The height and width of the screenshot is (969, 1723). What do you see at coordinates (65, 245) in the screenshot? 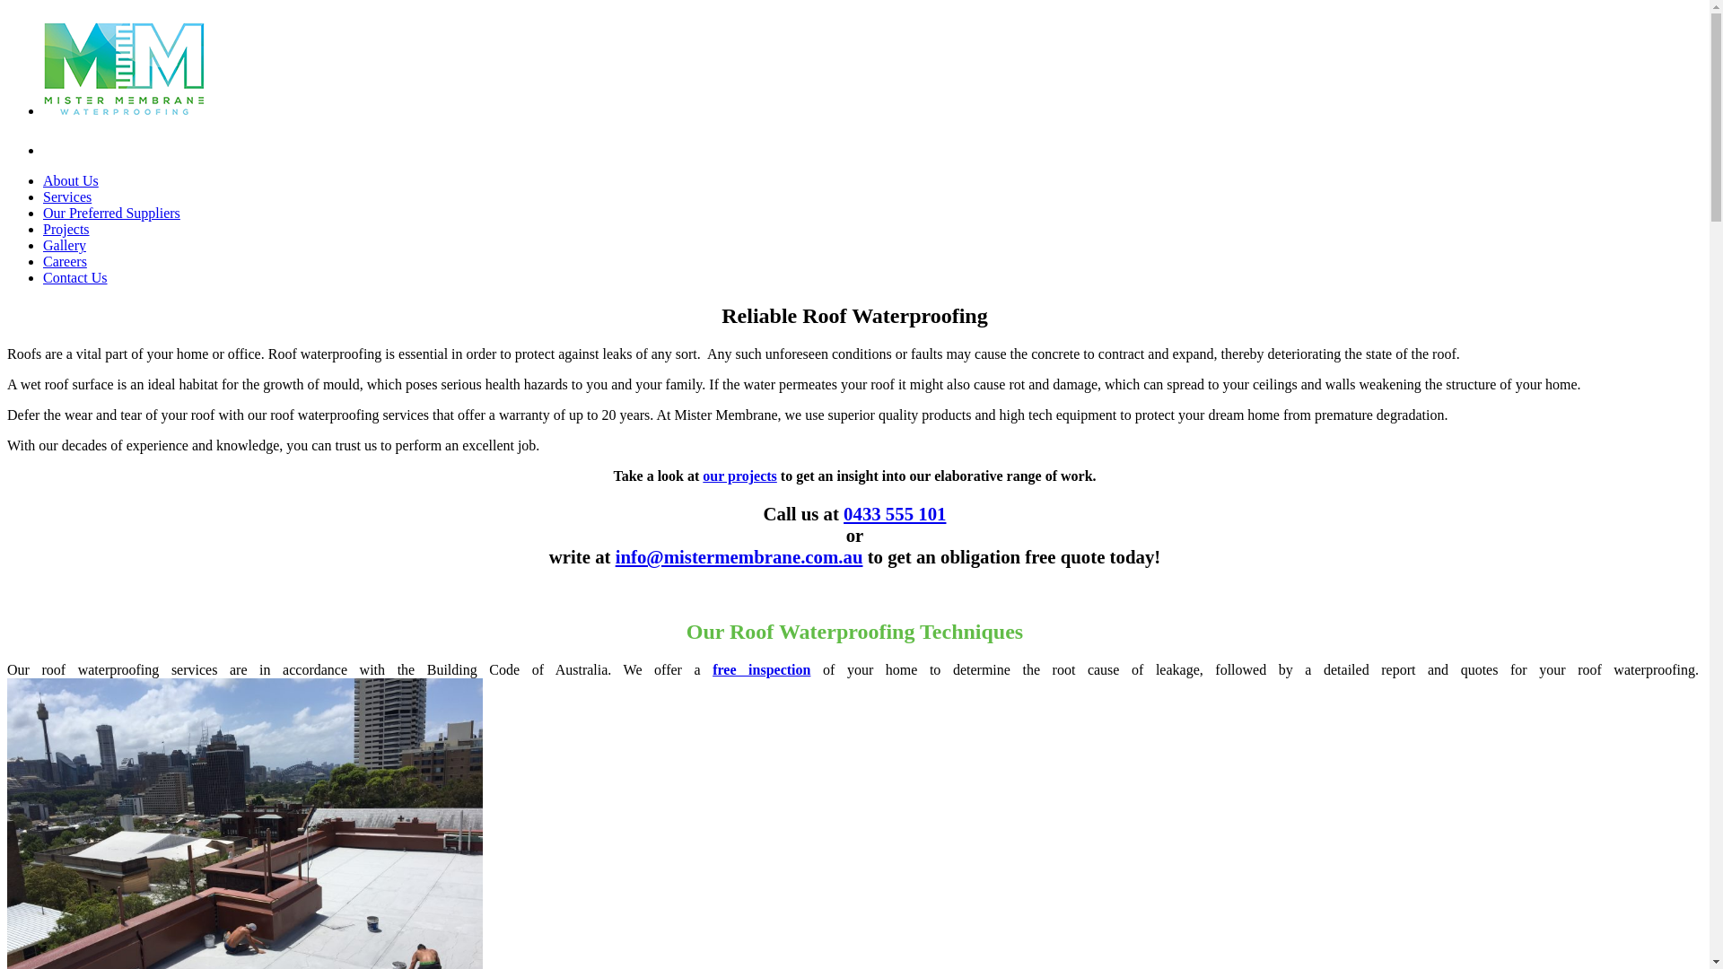
I see `'Gallery'` at bounding box center [65, 245].